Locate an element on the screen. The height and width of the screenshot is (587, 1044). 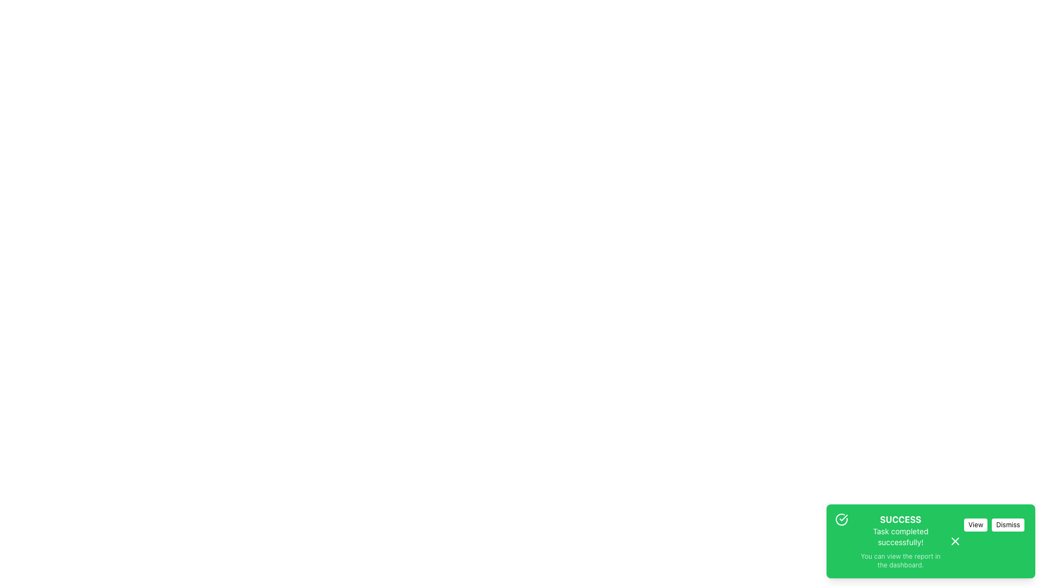
the small rounded button labeled 'View' within the green notification card to observe any visual feedback is located at coordinates (975, 524).